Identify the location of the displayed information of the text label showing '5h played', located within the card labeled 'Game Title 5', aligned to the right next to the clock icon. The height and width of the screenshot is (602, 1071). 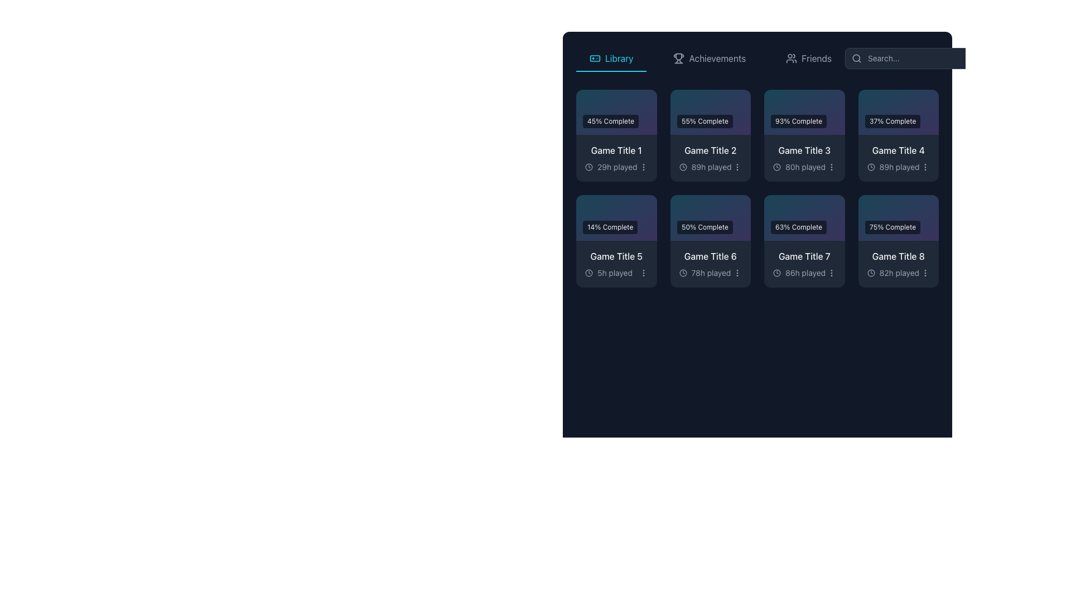
(616, 273).